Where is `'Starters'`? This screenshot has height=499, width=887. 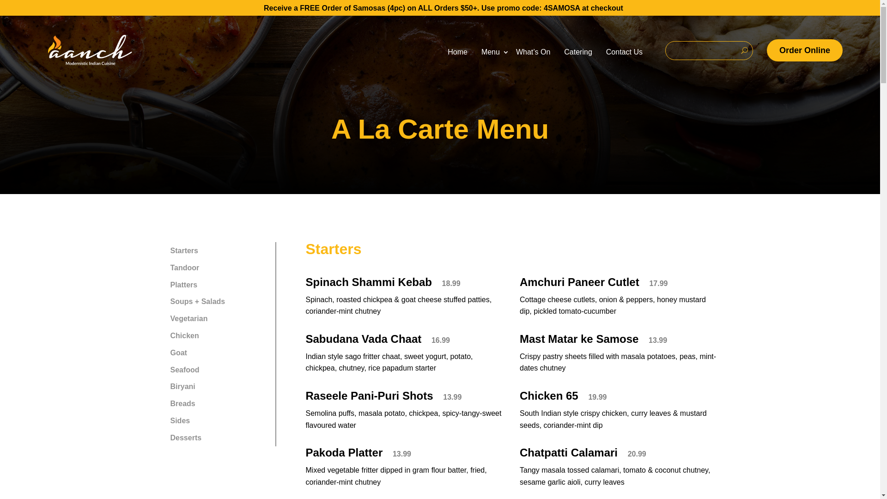 'Starters' is located at coordinates (219, 250).